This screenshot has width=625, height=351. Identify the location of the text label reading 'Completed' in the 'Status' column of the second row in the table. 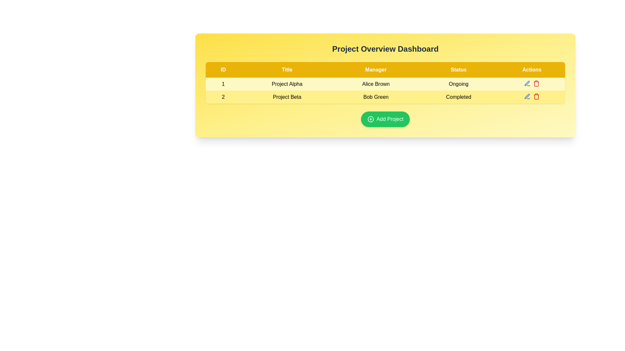
(458, 97).